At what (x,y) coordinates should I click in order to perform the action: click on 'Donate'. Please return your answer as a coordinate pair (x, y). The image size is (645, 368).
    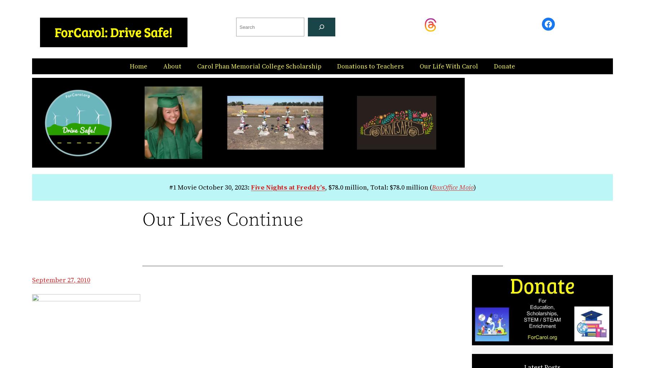
    Looking at the image, I should click on (504, 65).